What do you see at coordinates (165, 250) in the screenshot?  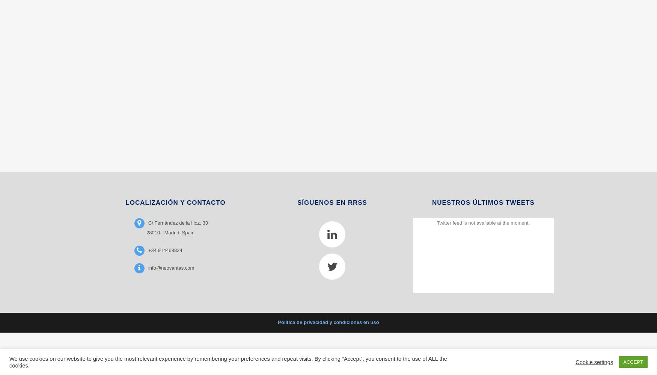 I see `'+34 914468824'` at bounding box center [165, 250].